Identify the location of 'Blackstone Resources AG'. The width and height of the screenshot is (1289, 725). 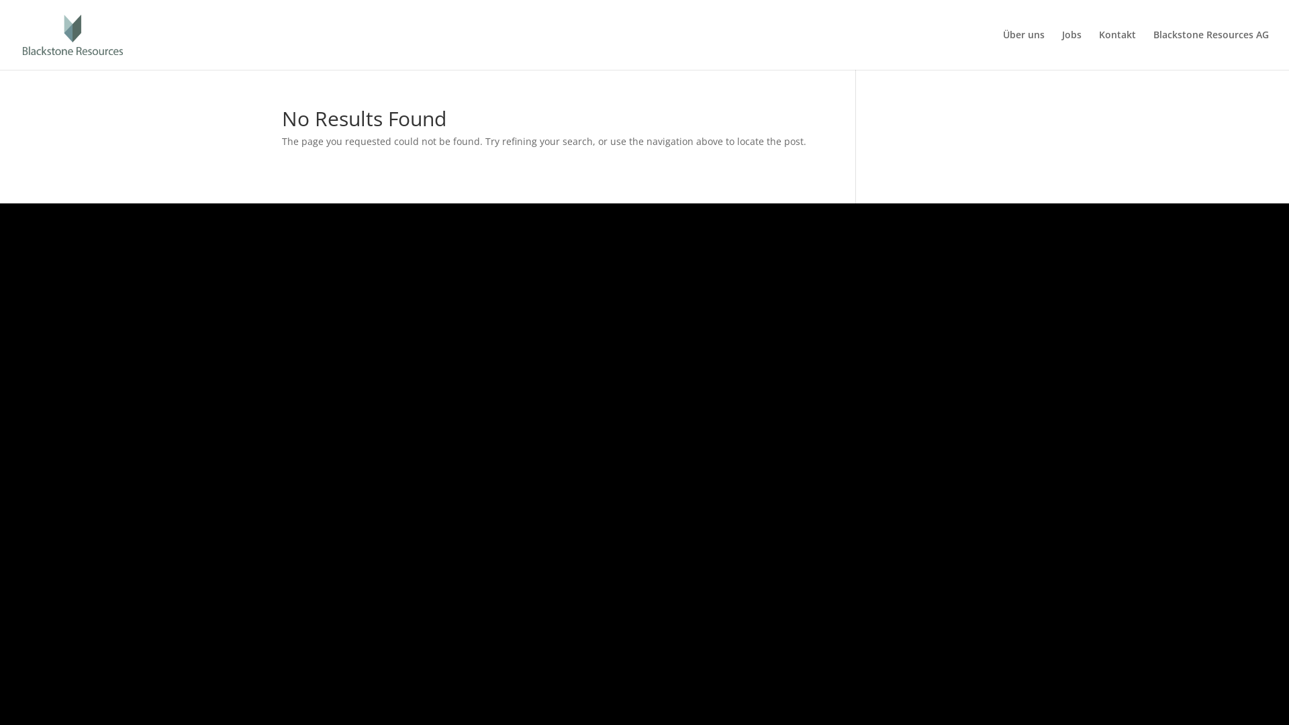
(1153, 49).